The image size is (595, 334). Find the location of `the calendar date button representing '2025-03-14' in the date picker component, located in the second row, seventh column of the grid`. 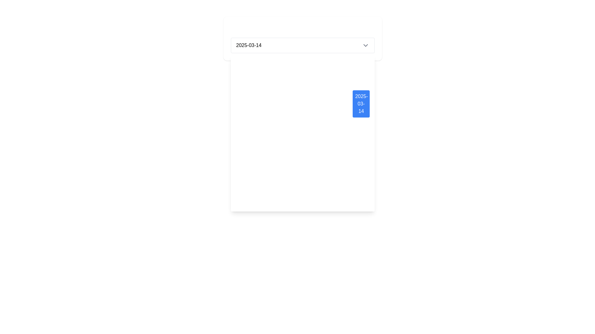

the calendar date button representing '2025-03-14' in the date picker component, located in the second row, seventh column of the grid is located at coordinates (361, 103).